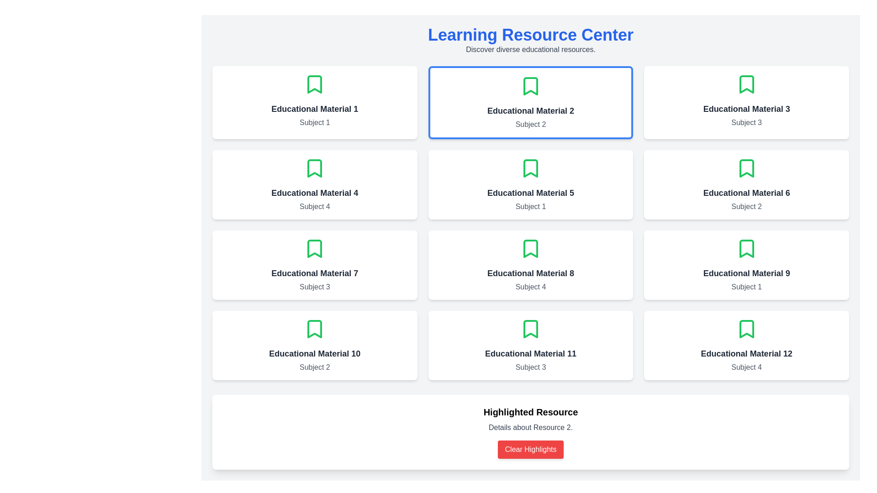  What do you see at coordinates (530, 428) in the screenshot?
I see `the static text label that provides details about 'Resource 2', located between the title 'Highlighted Resource' and the 'Clear Highlights' button` at bounding box center [530, 428].